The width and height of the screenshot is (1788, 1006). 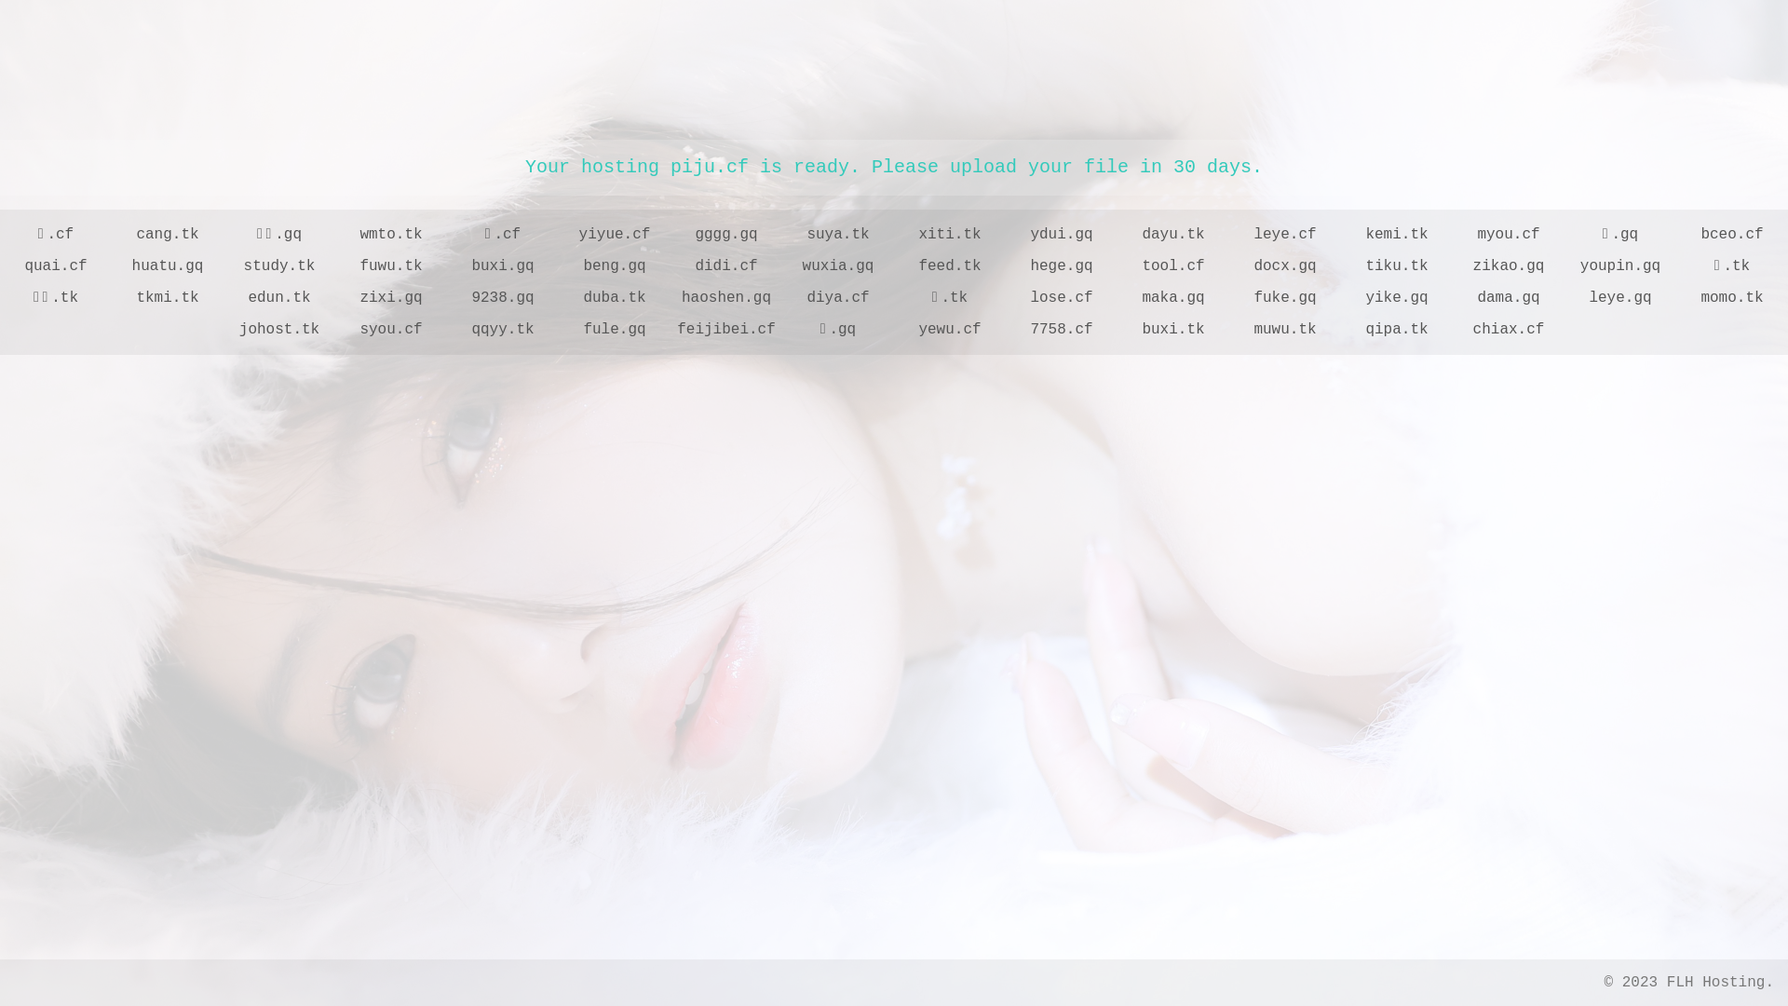 What do you see at coordinates (168, 233) in the screenshot?
I see `'cang.tk'` at bounding box center [168, 233].